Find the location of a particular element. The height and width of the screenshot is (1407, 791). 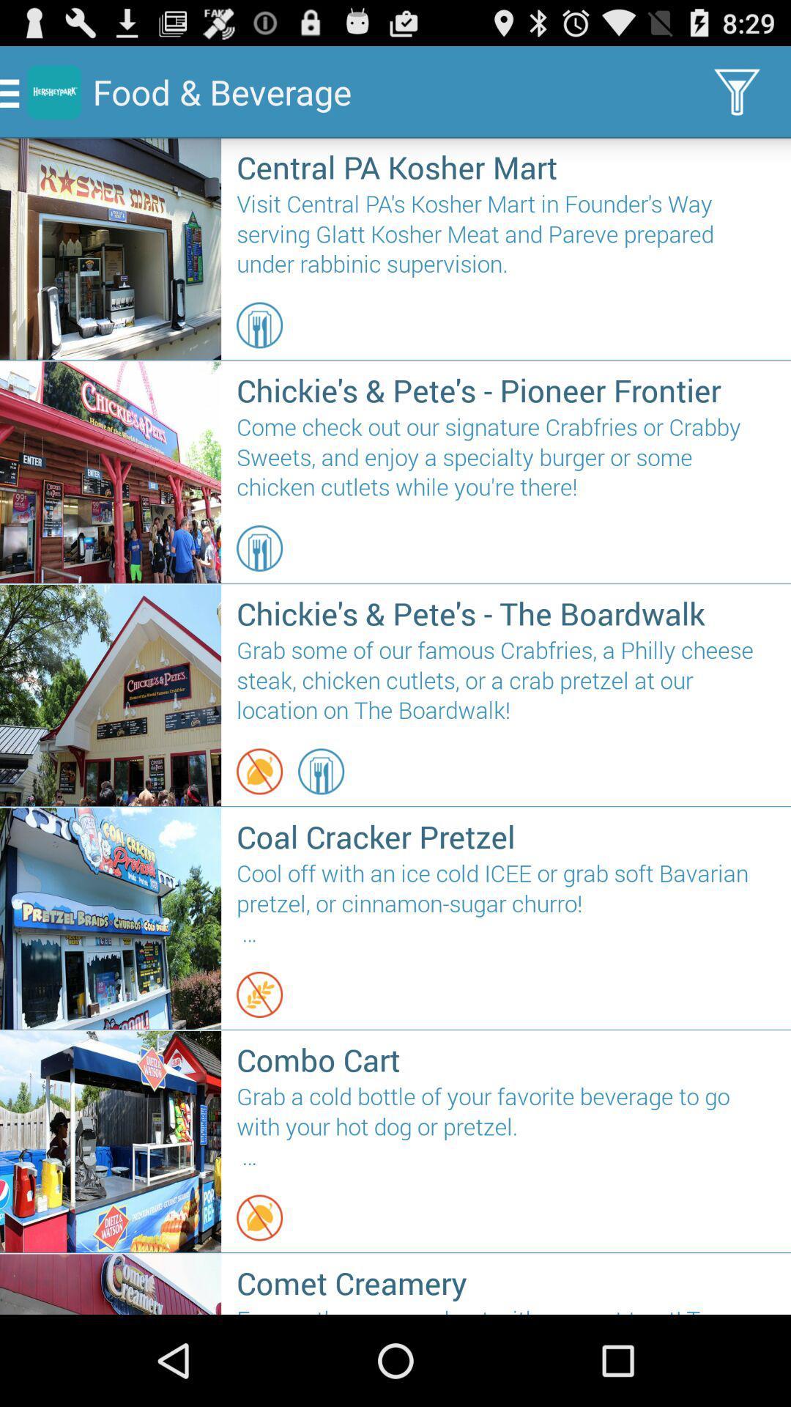

the icon above the grab a cold item is located at coordinates (505, 1059).